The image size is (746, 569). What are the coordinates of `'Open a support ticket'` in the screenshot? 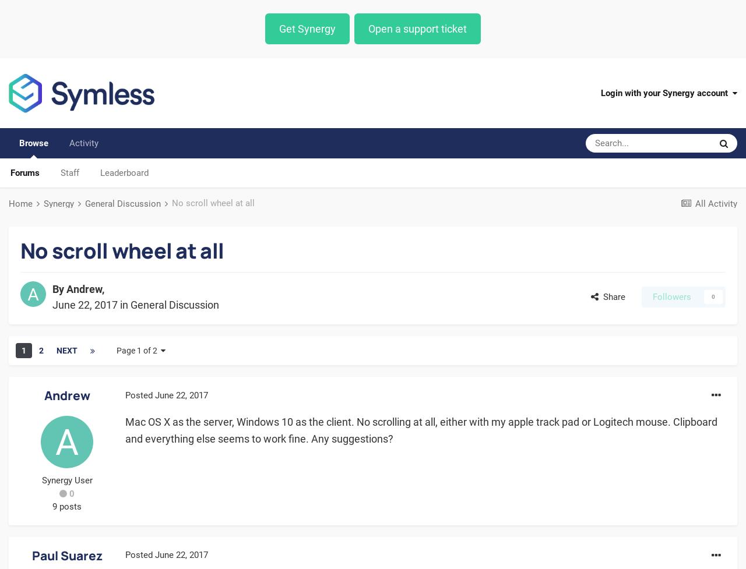 It's located at (417, 29).